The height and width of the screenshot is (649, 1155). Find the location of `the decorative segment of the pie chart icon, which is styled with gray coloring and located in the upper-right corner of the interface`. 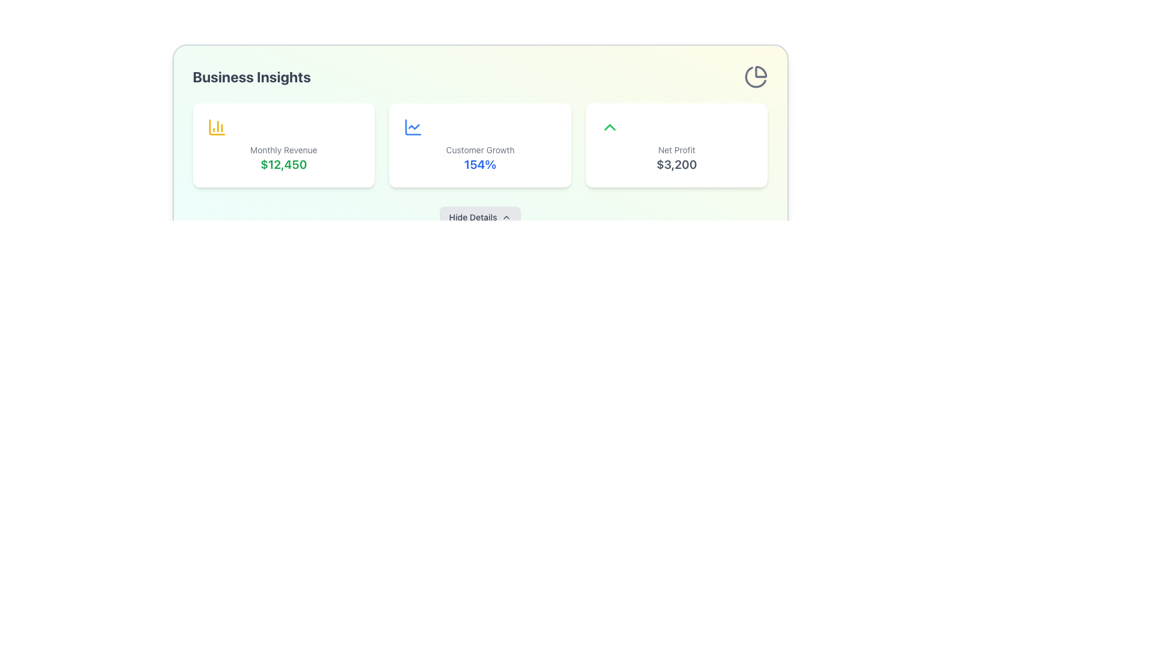

the decorative segment of the pie chart icon, which is styled with gray coloring and located in the upper-right corner of the interface is located at coordinates (760, 72).